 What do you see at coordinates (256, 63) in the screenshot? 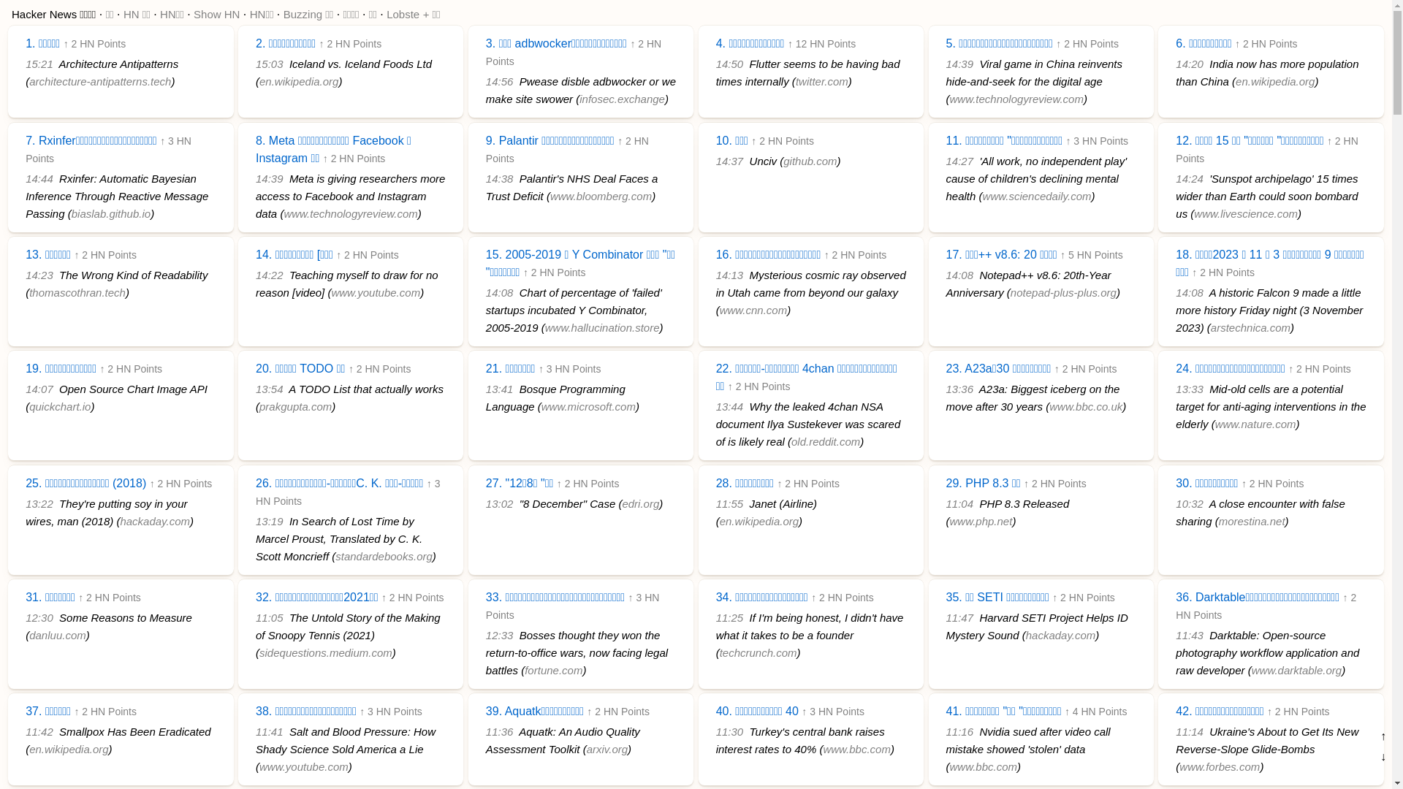
I see `'15:03'` at bounding box center [256, 63].